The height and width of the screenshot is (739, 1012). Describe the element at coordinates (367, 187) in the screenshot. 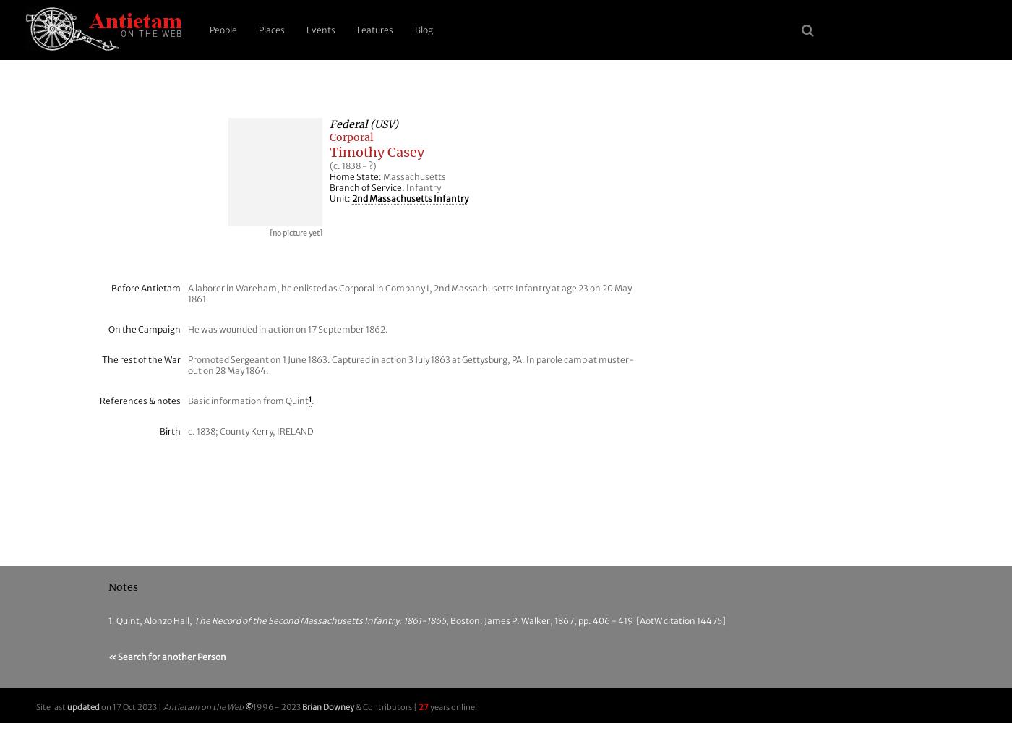

I see `'Branch of Service:'` at that location.